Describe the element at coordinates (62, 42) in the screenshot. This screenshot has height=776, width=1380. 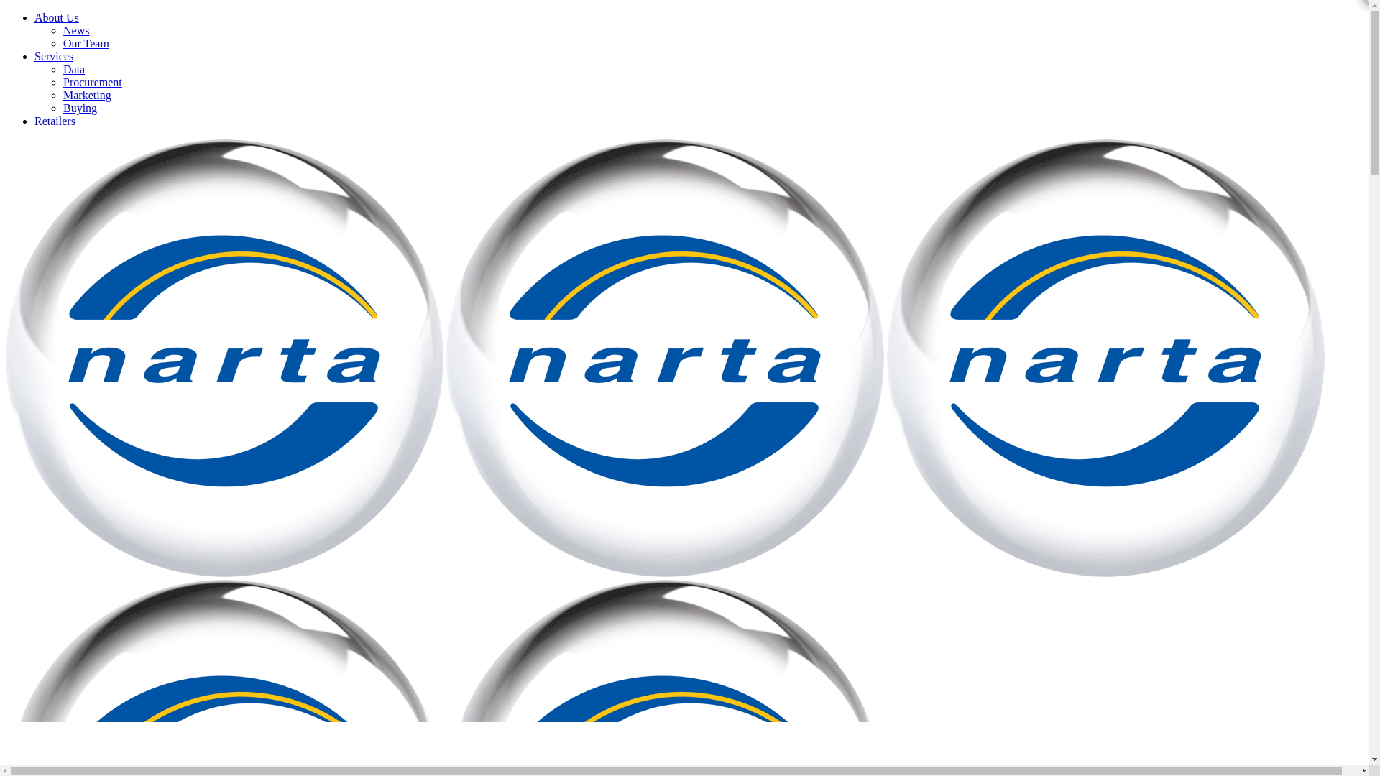
I see `'Our Team'` at that location.